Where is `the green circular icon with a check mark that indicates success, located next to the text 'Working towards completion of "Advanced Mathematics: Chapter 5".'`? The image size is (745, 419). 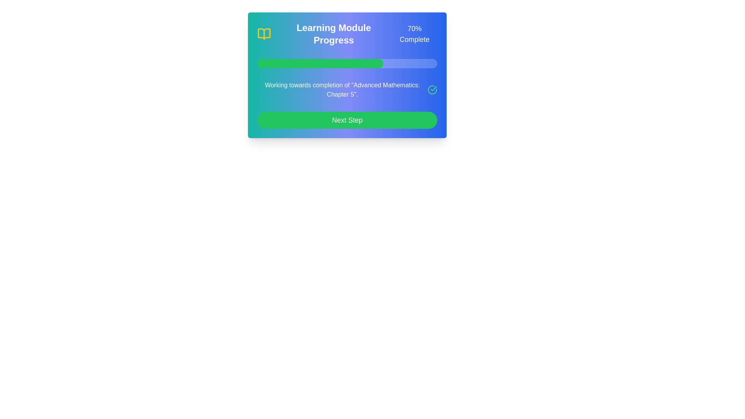 the green circular icon with a check mark that indicates success, located next to the text 'Working towards completion of "Advanced Mathematics: Chapter 5".' is located at coordinates (432, 89).